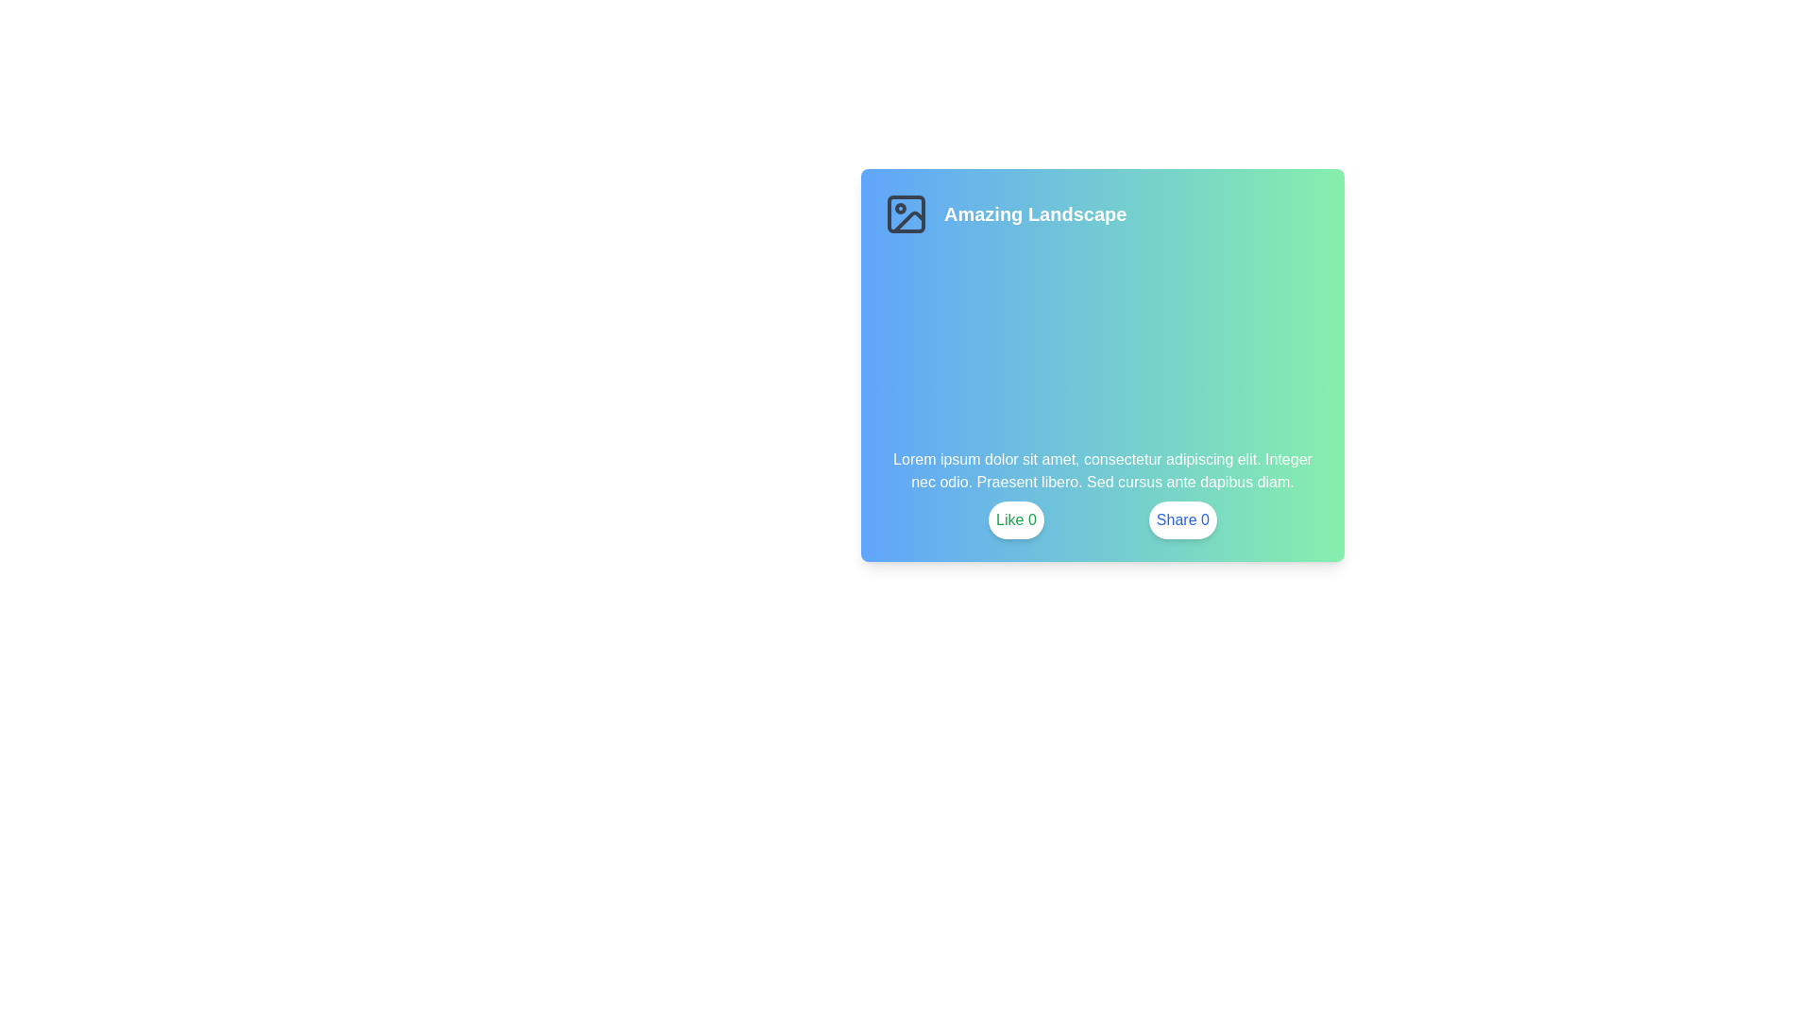  I want to click on the image-related icon located to the left of the text 'Amazing Landscape', so click(906, 213).